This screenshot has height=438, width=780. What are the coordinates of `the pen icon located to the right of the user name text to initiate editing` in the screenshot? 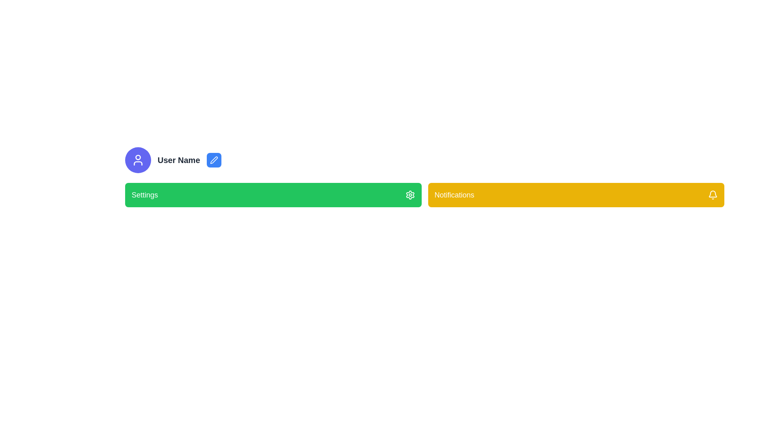 It's located at (214, 160).